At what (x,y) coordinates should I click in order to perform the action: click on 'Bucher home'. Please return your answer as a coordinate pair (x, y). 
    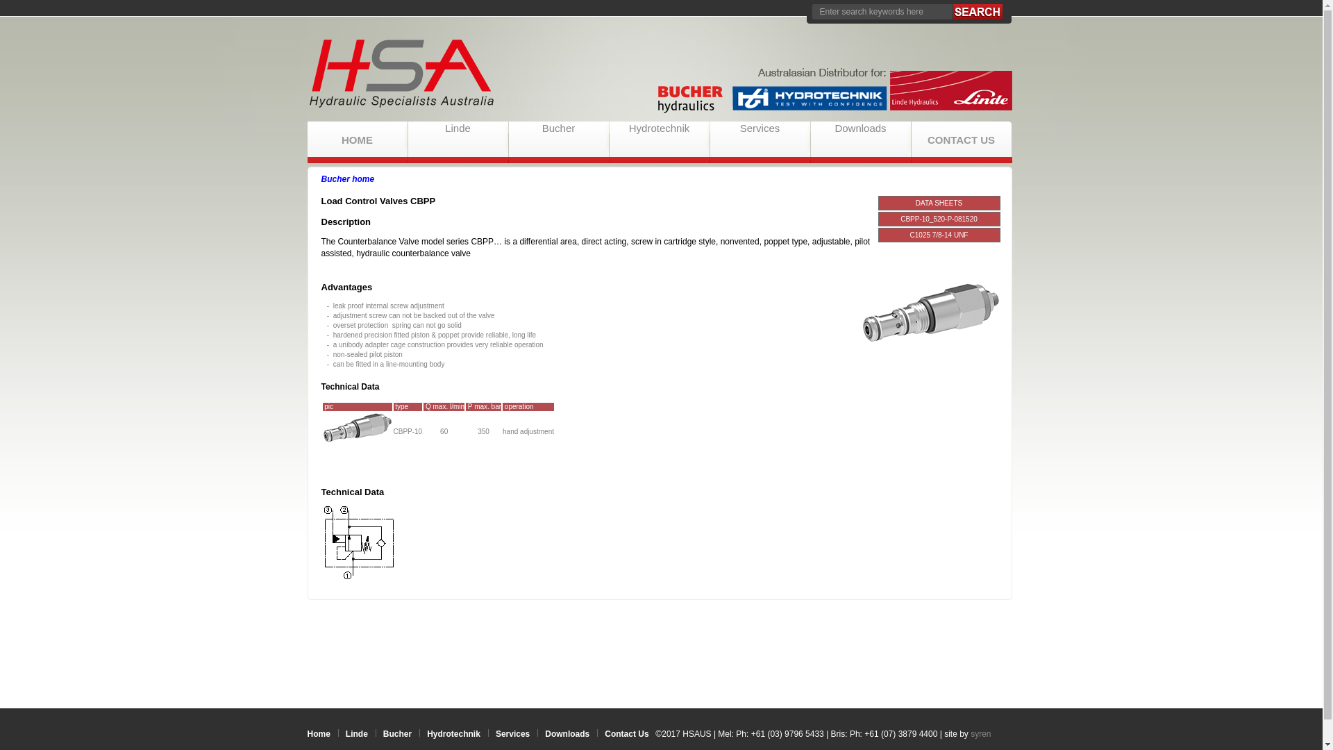
    Looking at the image, I should click on (347, 178).